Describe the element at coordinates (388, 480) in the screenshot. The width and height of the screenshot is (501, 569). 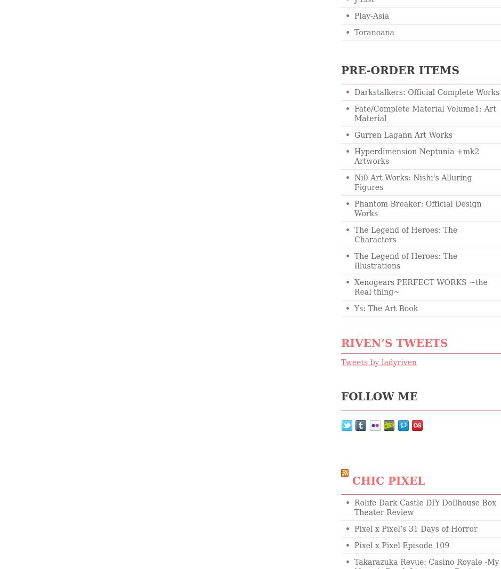
I see `'chic pixel'` at that location.